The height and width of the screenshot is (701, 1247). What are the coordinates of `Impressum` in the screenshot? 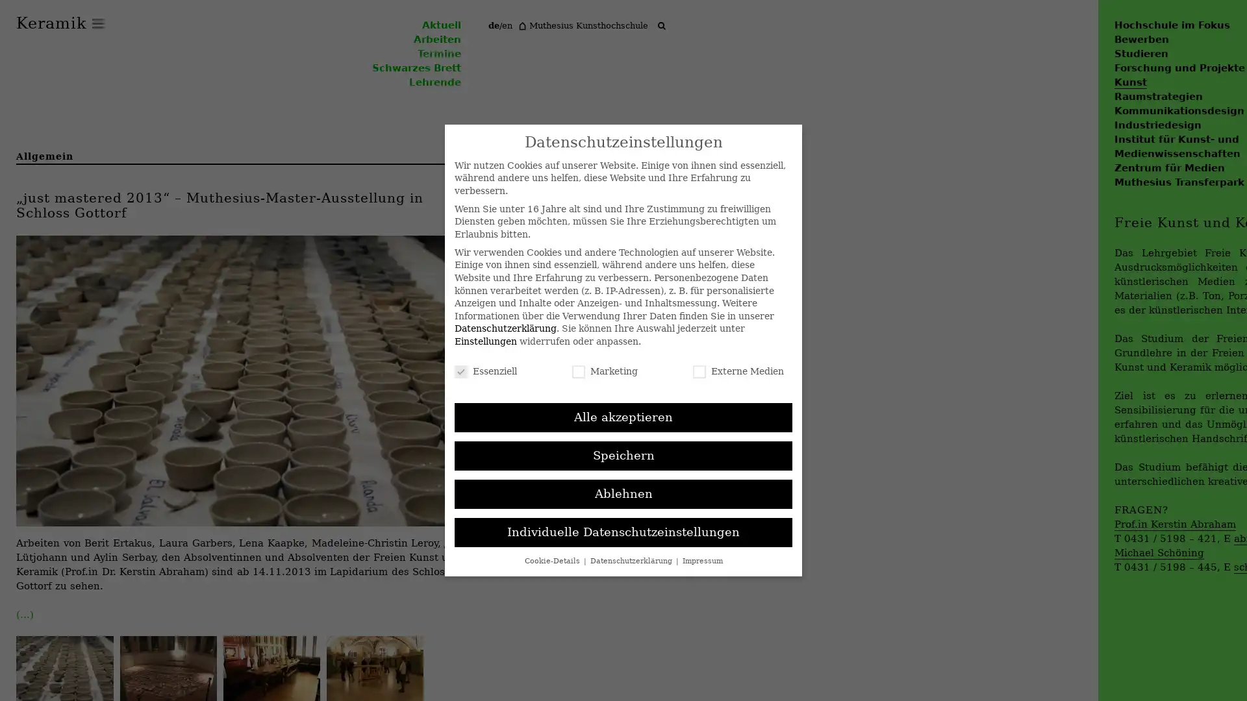 It's located at (701, 560).